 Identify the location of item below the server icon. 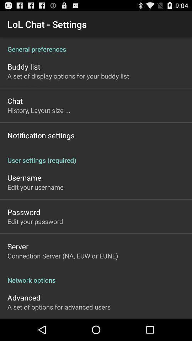
(63, 256).